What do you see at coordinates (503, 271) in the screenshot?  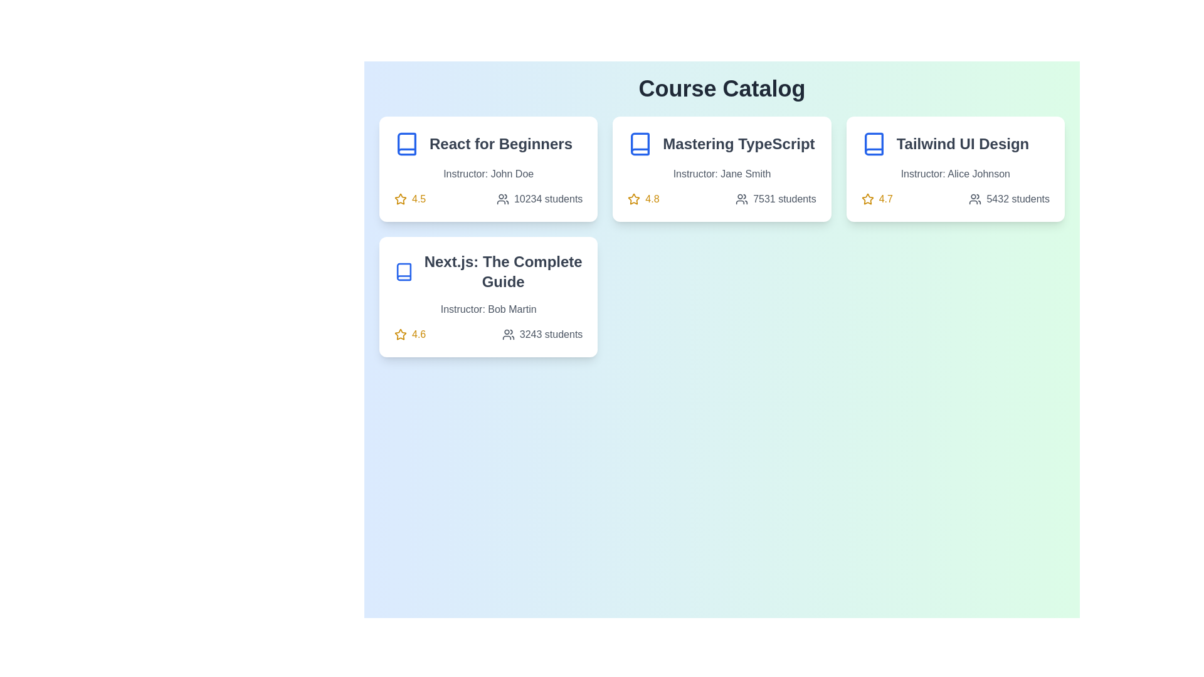 I see `title text of the course located in the lower-left card of the grid view under 'Course Catalog', positioned to the right of the blue book icon` at bounding box center [503, 271].